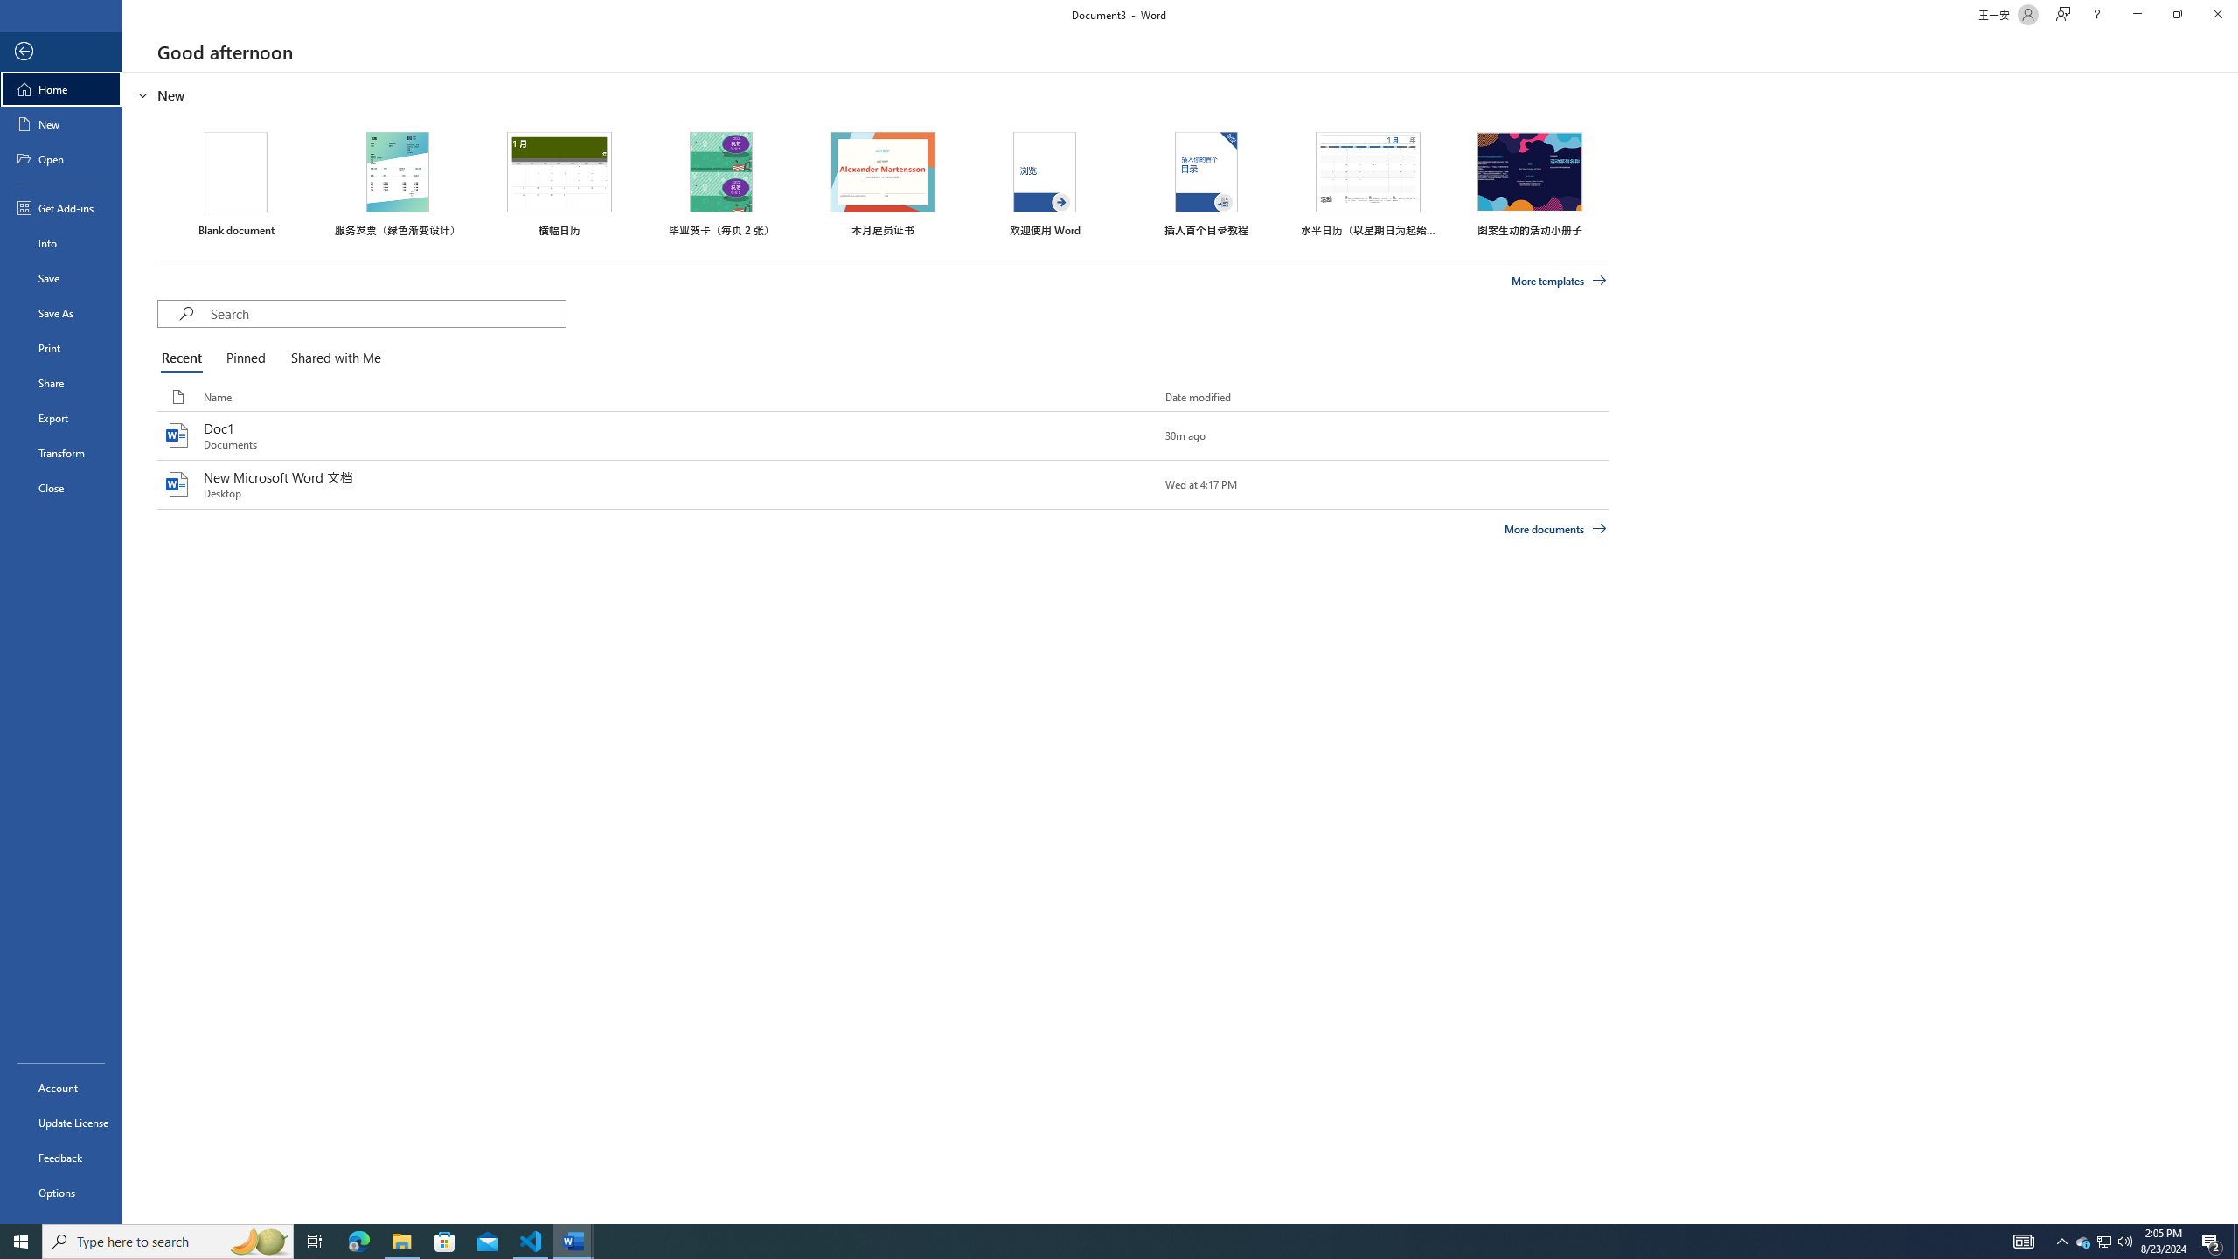  Describe the element at coordinates (60, 1088) in the screenshot. I see `'Account'` at that location.